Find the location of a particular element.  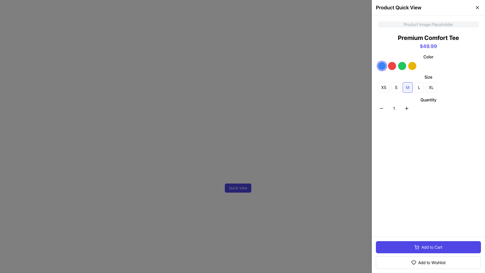

the 'XL' size selection button located in the product quick-view section is located at coordinates (431, 87).